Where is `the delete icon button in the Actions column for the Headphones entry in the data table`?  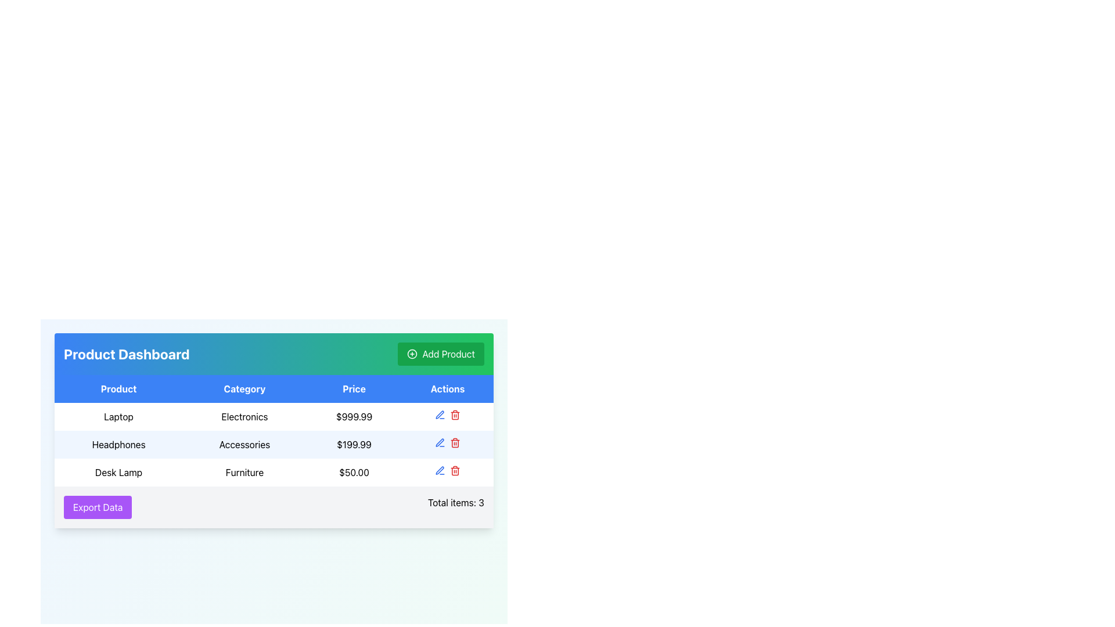
the delete icon button in the Actions column for the Headphones entry in the data table is located at coordinates (454, 443).